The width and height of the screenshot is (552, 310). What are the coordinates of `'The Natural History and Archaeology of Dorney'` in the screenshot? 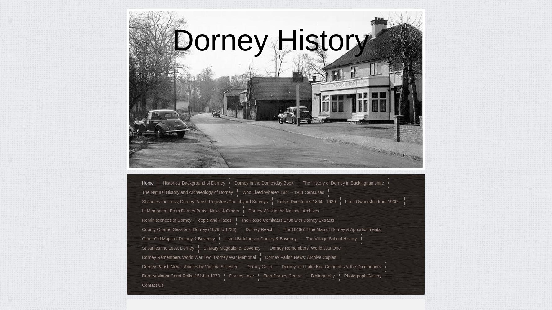 It's located at (187, 192).